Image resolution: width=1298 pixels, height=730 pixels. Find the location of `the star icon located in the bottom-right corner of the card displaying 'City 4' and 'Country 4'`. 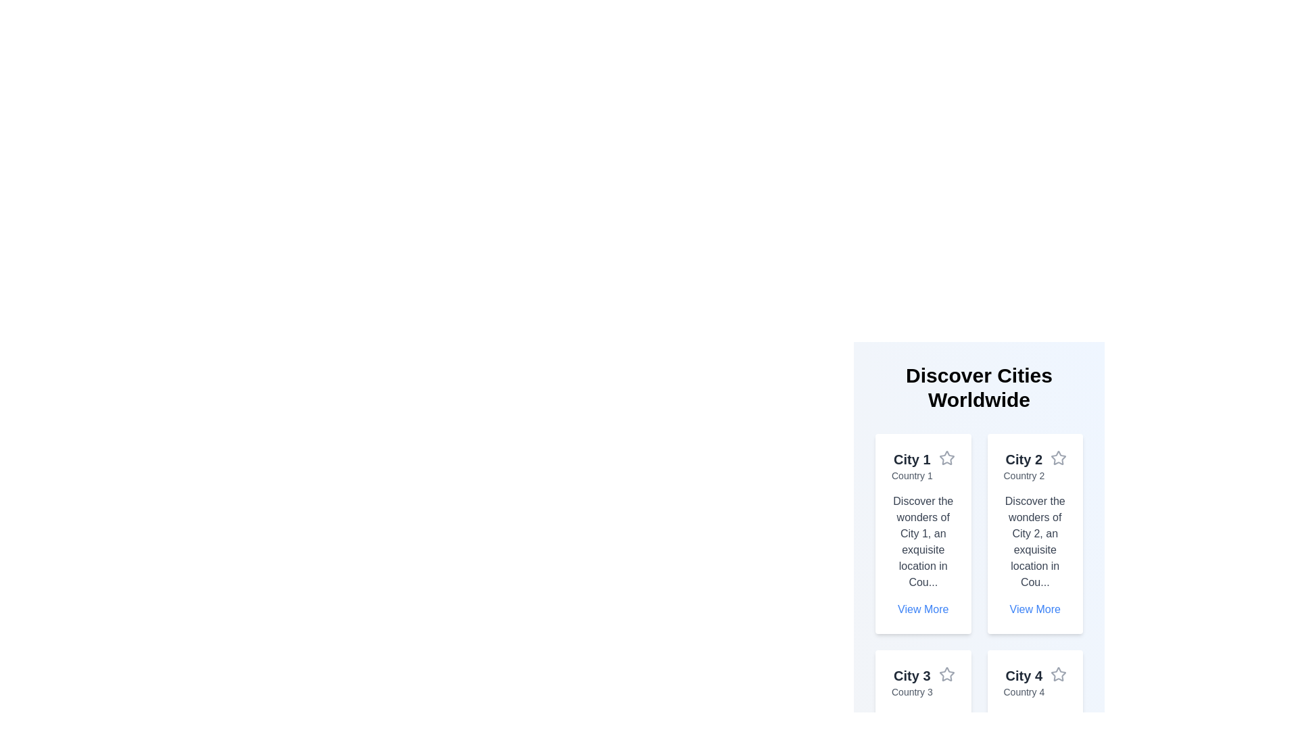

the star icon located in the bottom-right corner of the card displaying 'City 4' and 'Country 4' is located at coordinates (1057, 675).